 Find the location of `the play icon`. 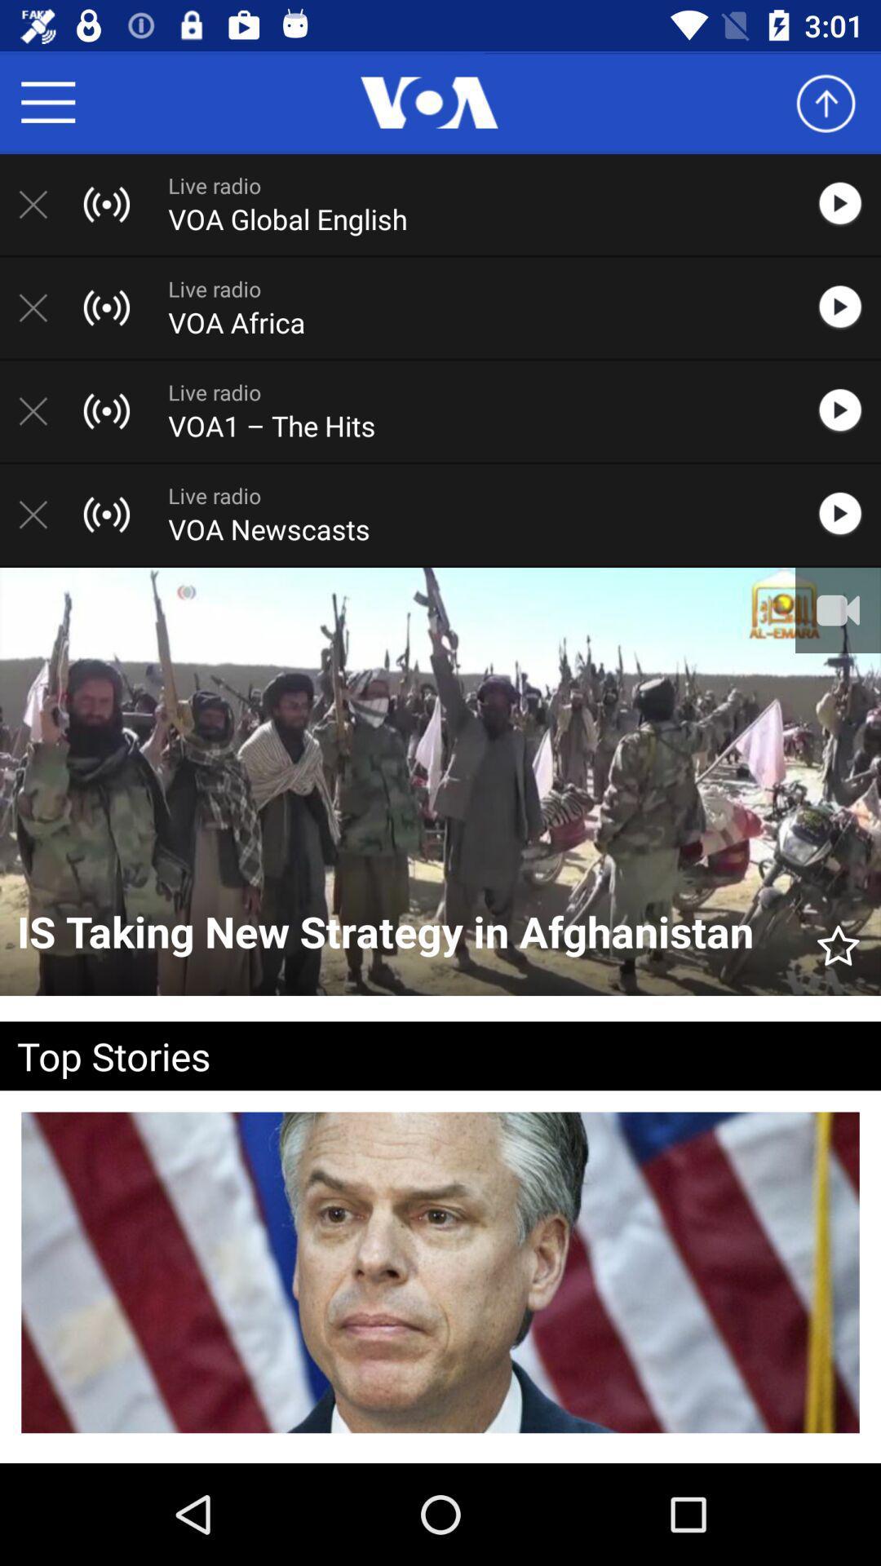

the play icon is located at coordinates (848, 513).